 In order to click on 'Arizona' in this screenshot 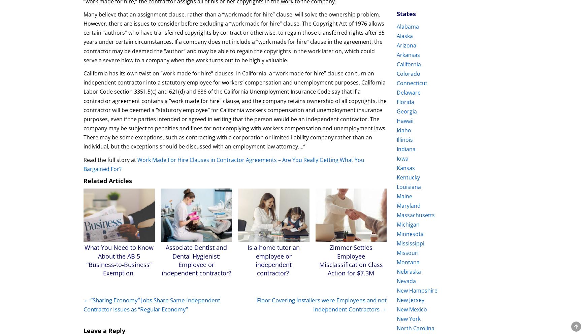, I will do `click(397, 45)`.